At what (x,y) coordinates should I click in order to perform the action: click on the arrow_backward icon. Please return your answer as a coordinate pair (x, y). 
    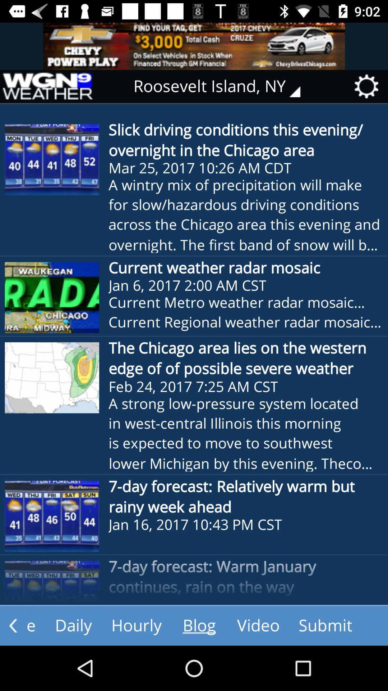
    Looking at the image, I should click on (13, 625).